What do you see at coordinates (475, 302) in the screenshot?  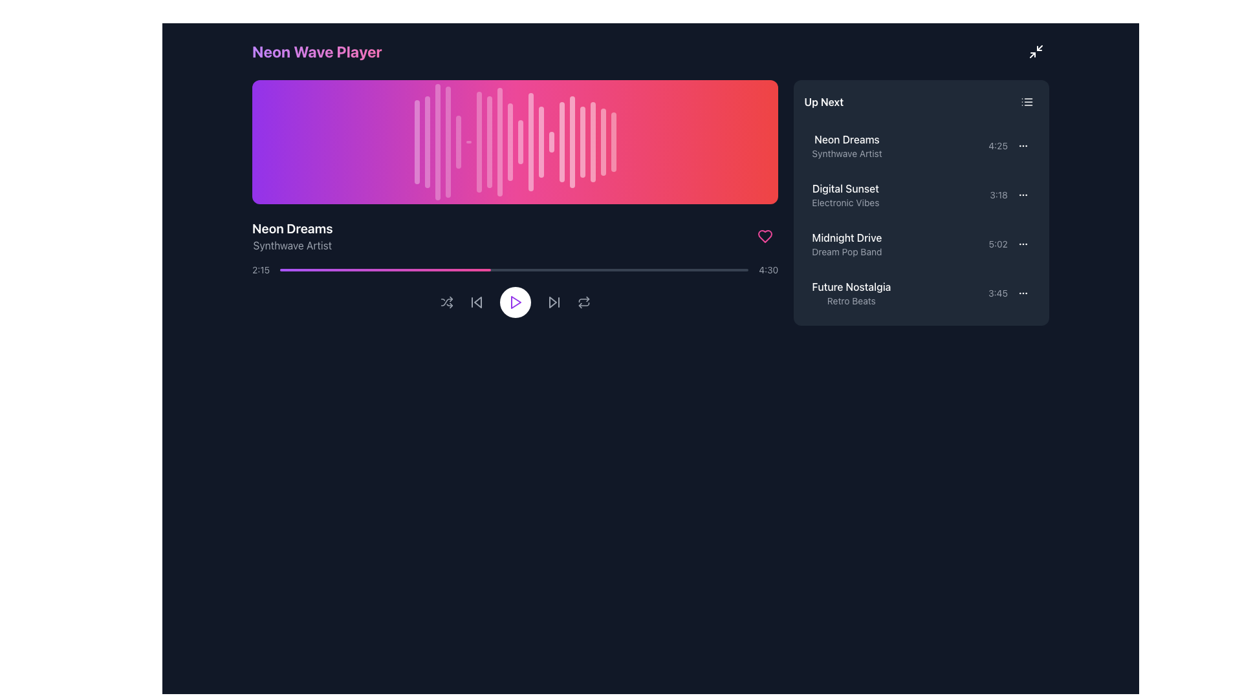 I see `the Skip Previous button, which is located to the left of the central Play button in the media control bar and is the second button from the left` at bounding box center [475, 302].